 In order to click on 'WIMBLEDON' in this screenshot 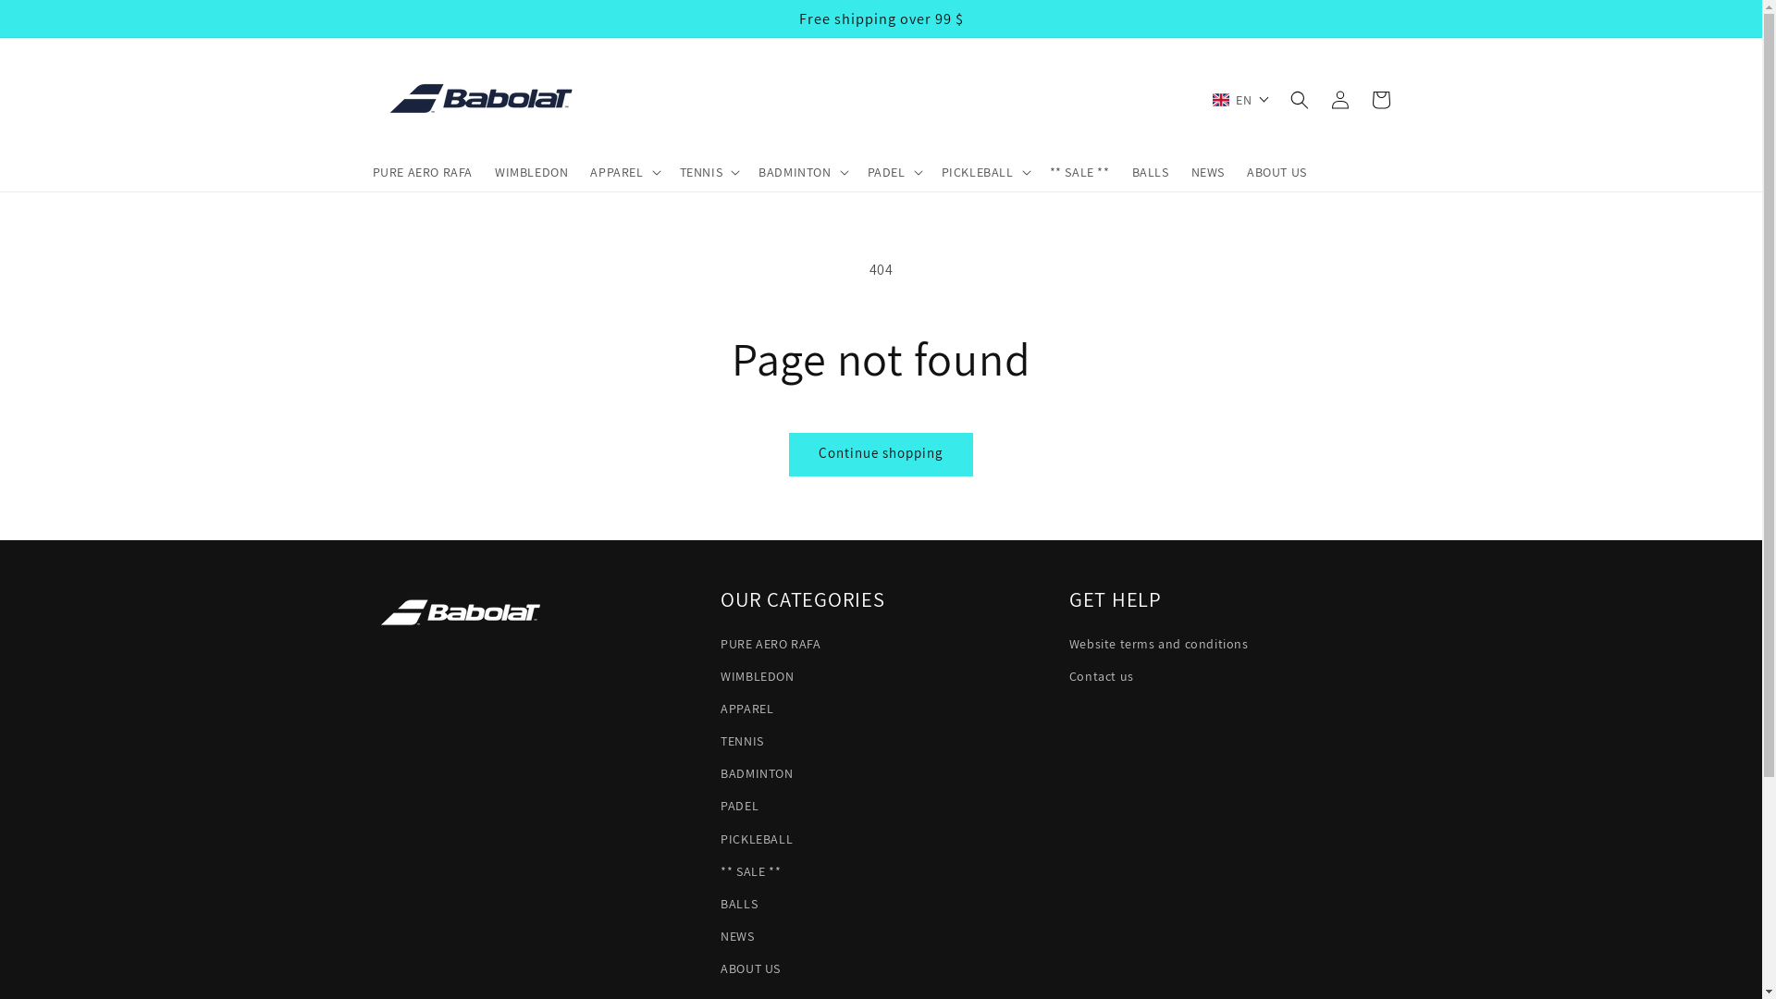, I will do `click(530, 171)`.